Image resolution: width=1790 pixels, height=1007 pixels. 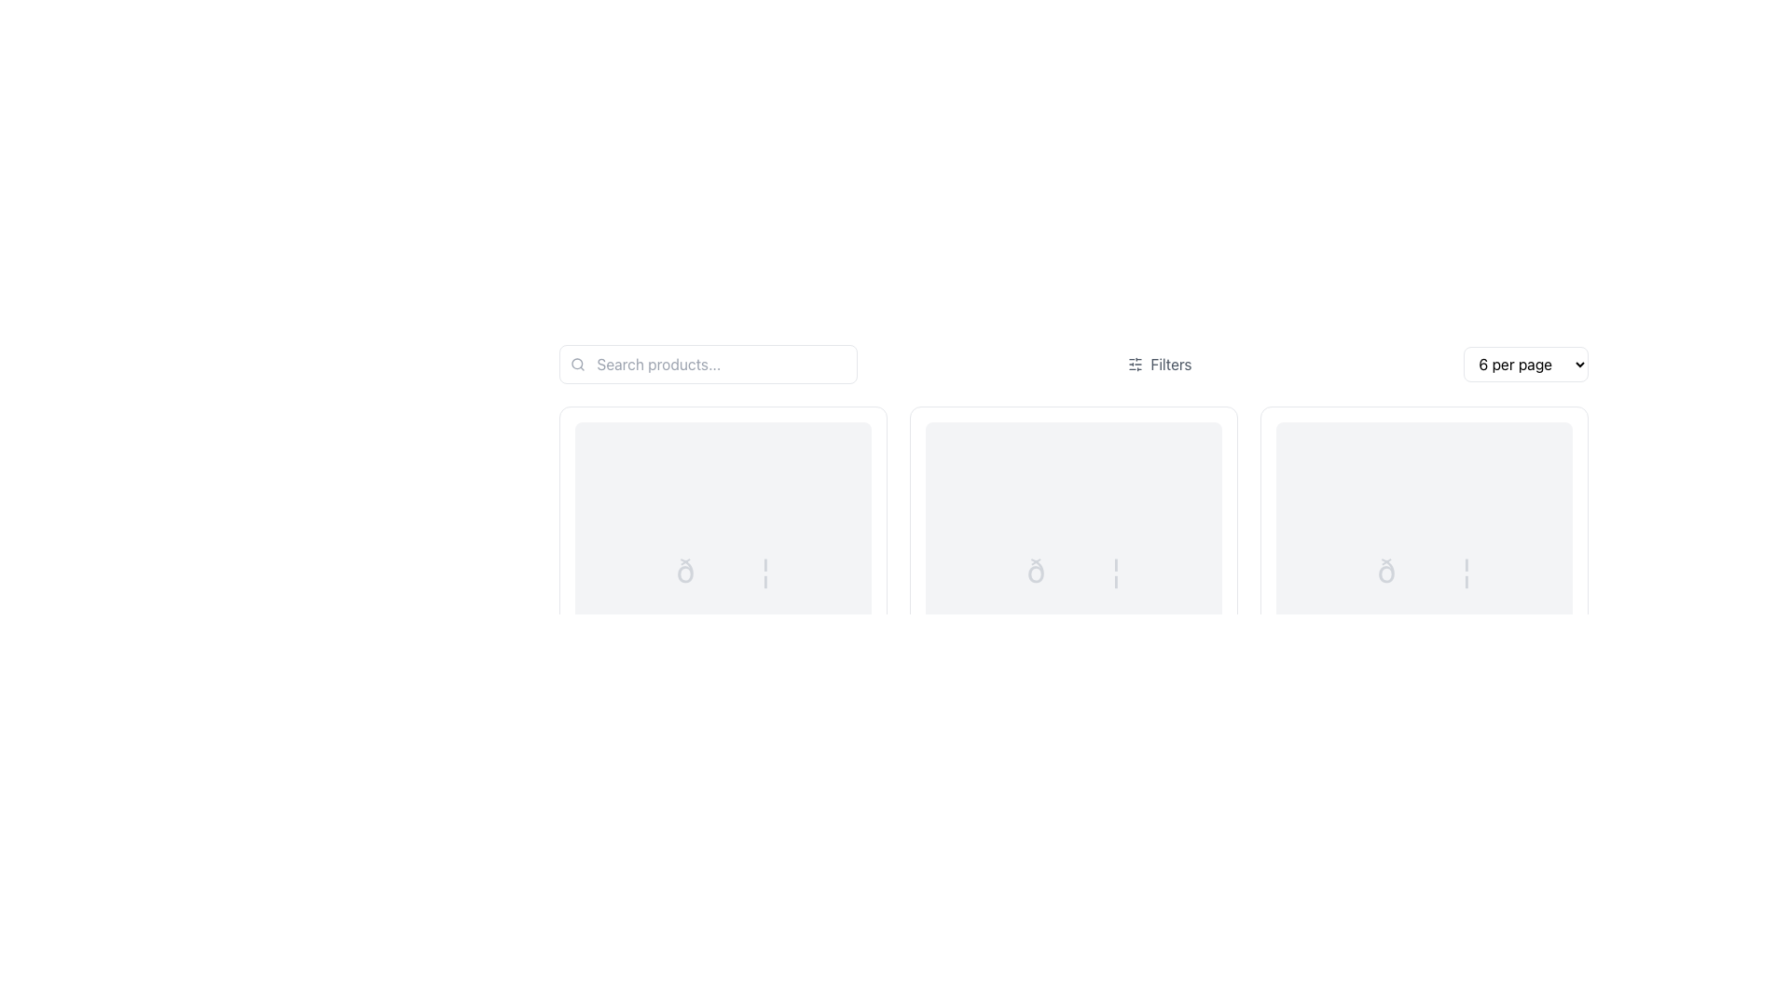 I want to click on the visual appearance change of the messaging or notifications icon located in the middle card of the horizontally aligned set of three cards, so click(x=1073, y=570).